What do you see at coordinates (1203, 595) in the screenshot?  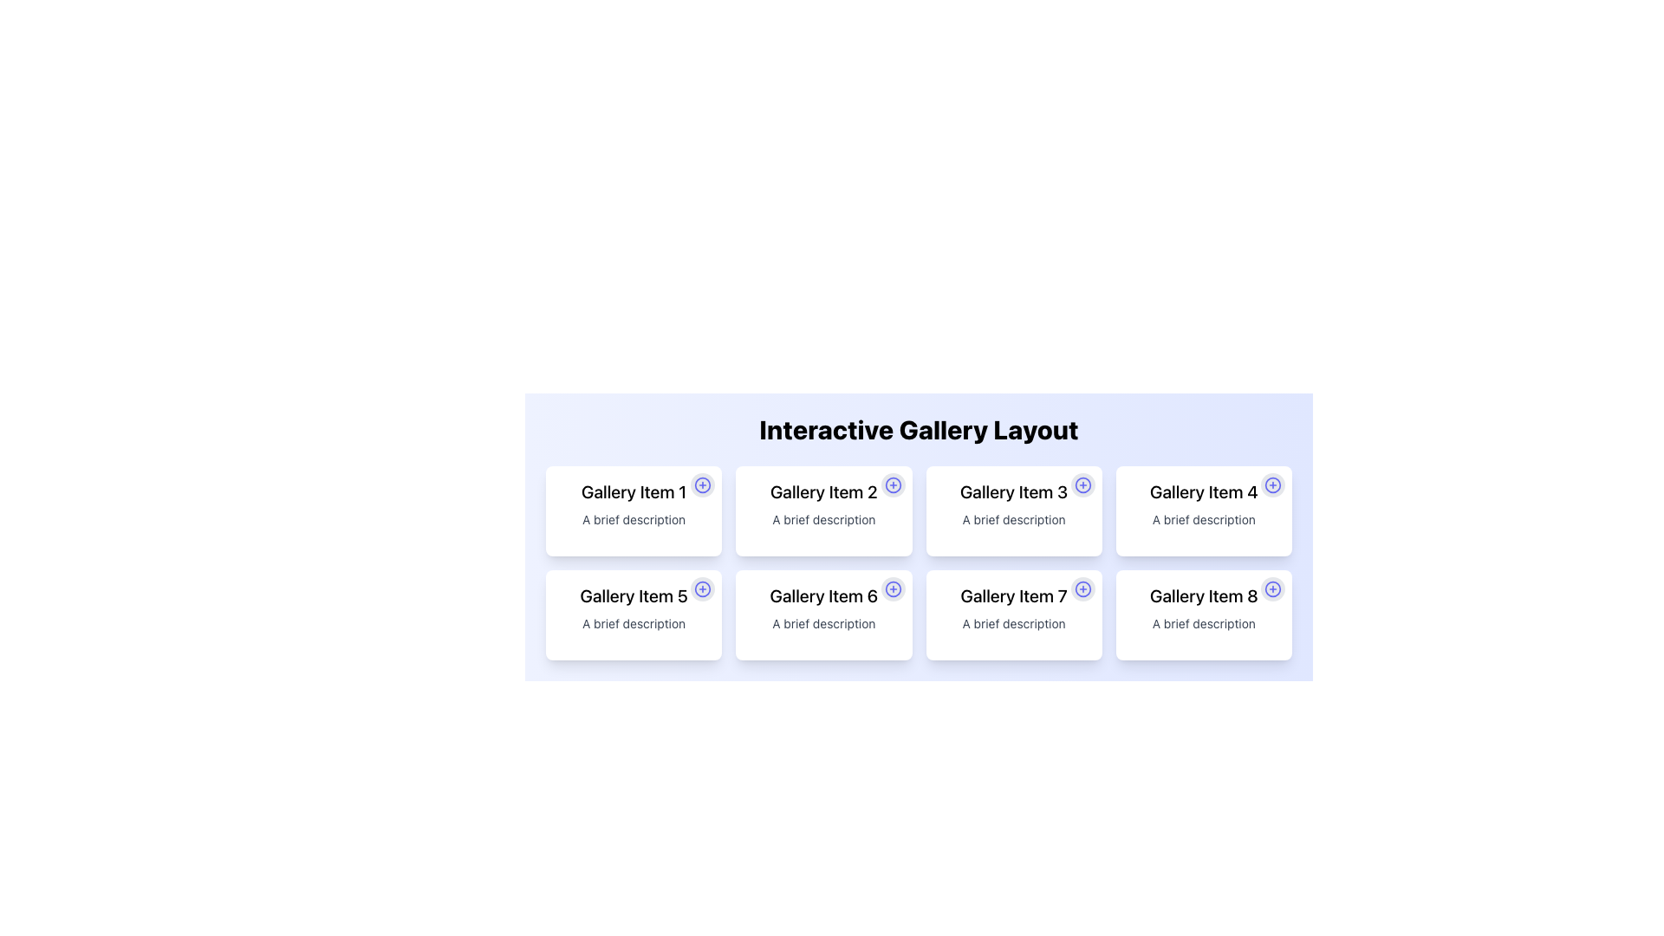 I see `the title text label of the card labeled 'Gallery Item 8', which is positioned at the top inside the card in the bottom-right corner of an 8-card grid layout` at bounding box center [1203, 595].